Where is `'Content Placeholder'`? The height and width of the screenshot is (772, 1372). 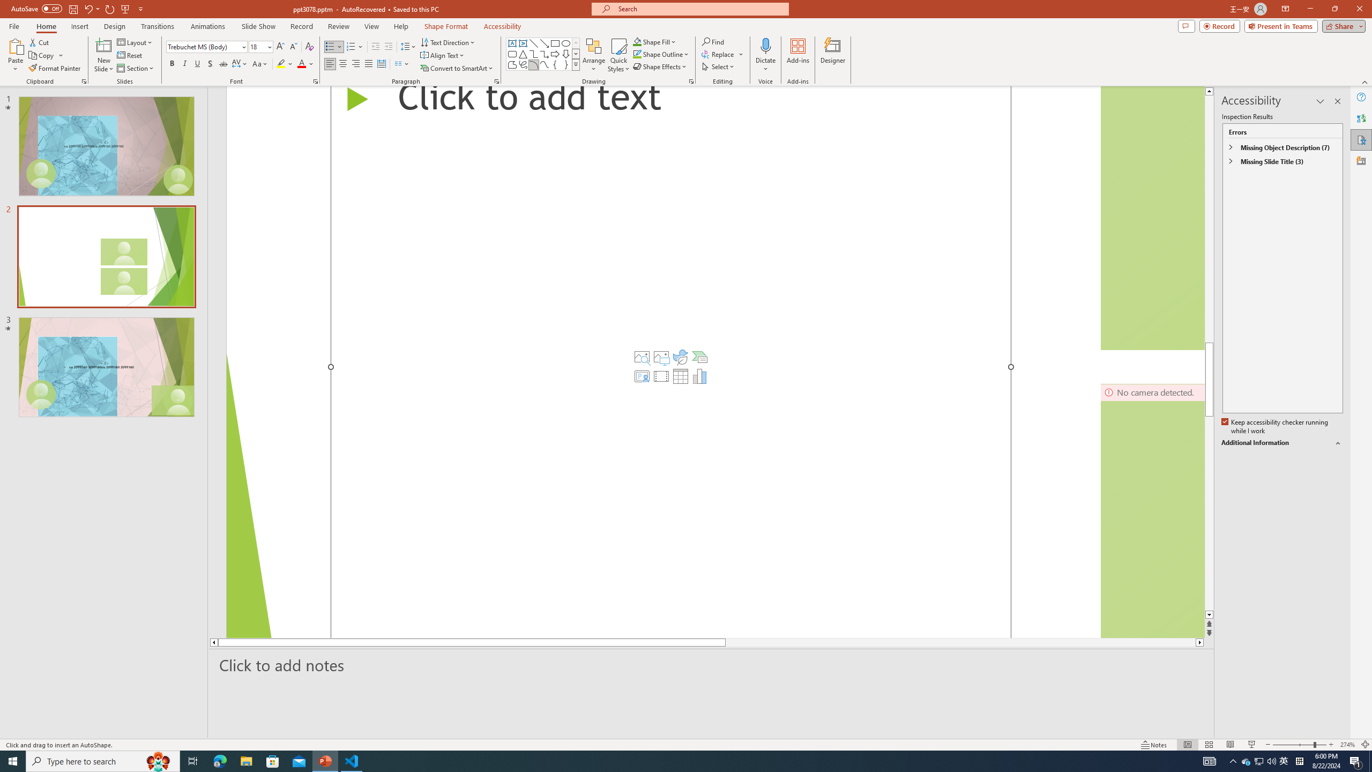 'Content Placeholder' is located at coordinates (670, 361).